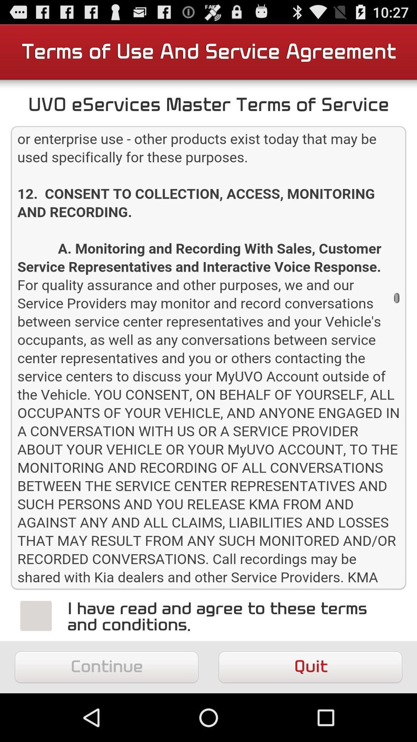 The height and width of the screenshot is (742, 417). What do you see at coordinates (208, 357) in the screenshot?
I see `terms condition text` at bounding box center [208, 357].